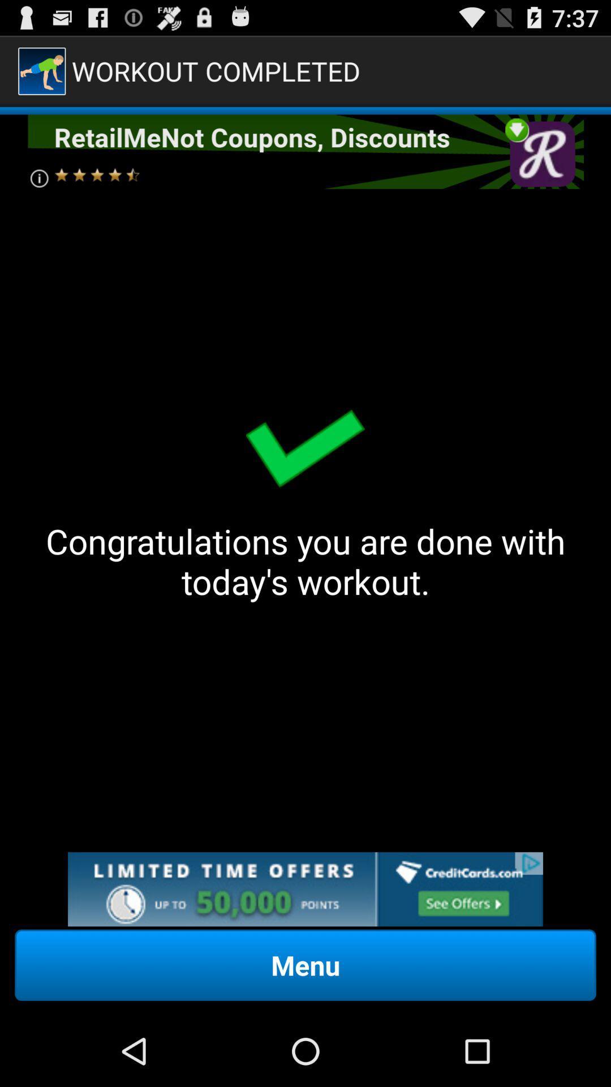 The image size is (611, 1087). What do you see at coordinates (304, 151) in the screenshot?
I see `advertisement` at bounding box center [304, 151].